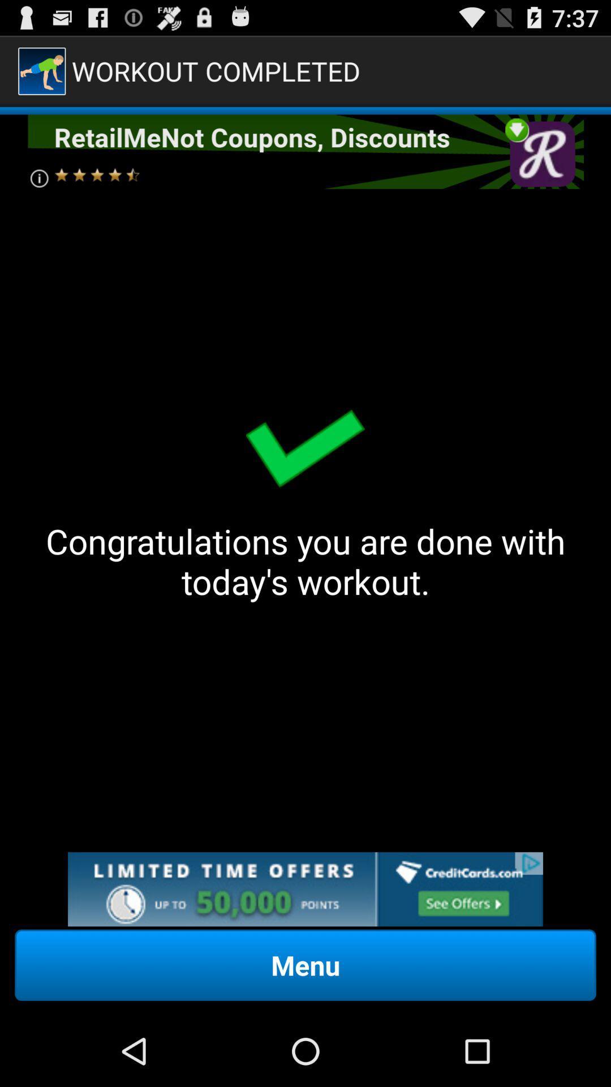 The image size is (611, 1087). What do you see at coordinates (304, 151) in the screenshot?
I see `advertisement` at bounding box center [304, 151].